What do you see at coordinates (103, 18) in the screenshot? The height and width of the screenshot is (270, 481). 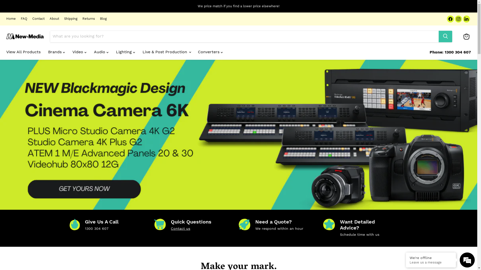 I see `'Blog'` at bounding box center [103, 18].